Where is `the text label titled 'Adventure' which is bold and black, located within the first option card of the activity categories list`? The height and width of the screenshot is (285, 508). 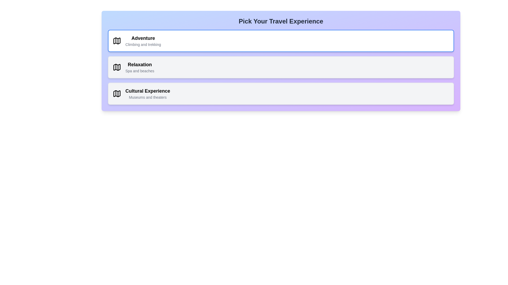 the text label titled 'Adventure' which is bold and black, located within the first option card of the activity categories list is located at coordinates (143, 38).